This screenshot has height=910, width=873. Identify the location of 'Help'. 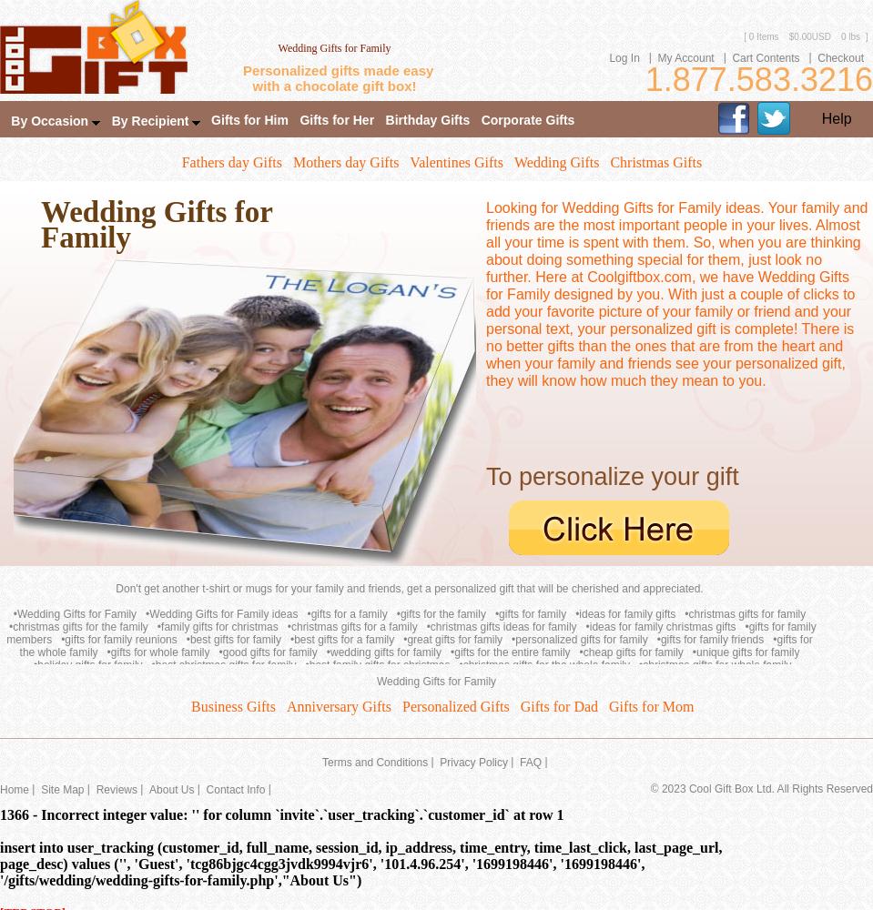
(821, 118).